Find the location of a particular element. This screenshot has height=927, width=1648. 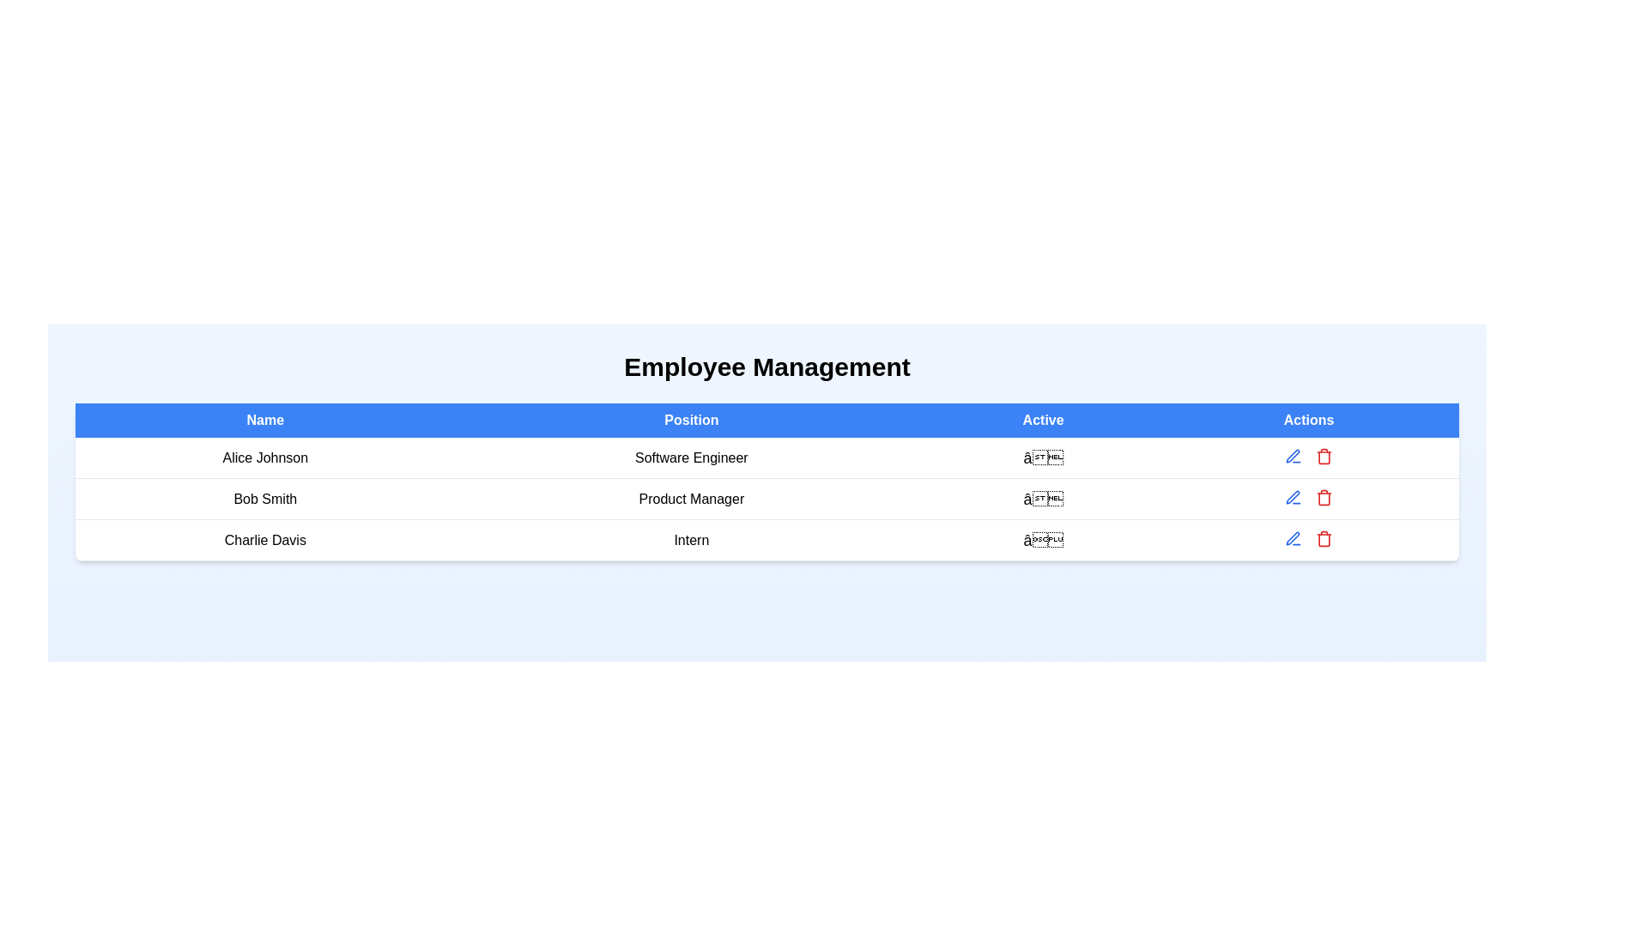

'Edit' button for the employee identified by Alice Johnson is located at coordinates (1294, 456).